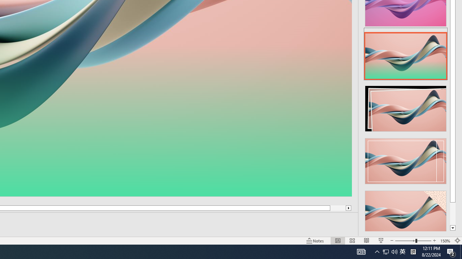 The height and width of the screenshot is (259, 462). I want to click on 'Slide Show', so click(381, 241).